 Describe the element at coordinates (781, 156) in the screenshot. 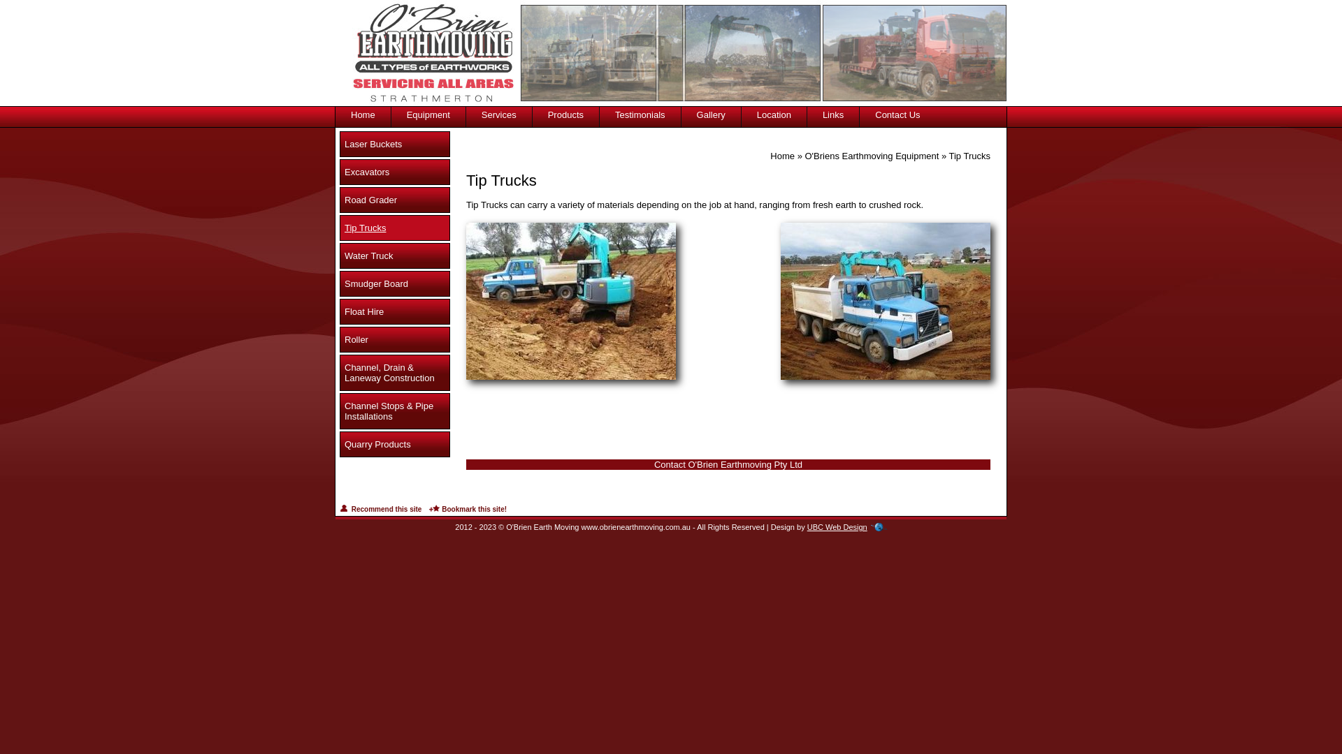

I see `'Home'` at that location.